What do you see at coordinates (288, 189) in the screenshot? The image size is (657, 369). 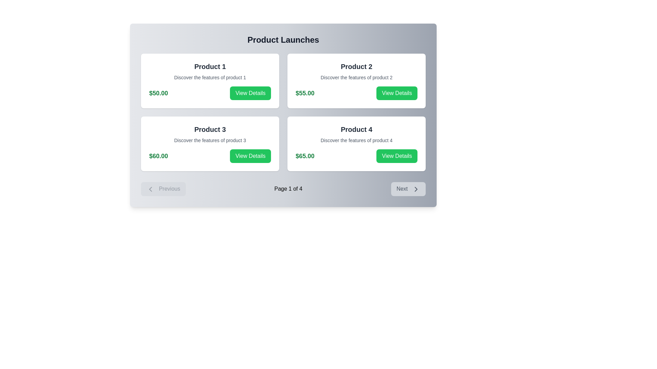 I see `the 'Page 1 of 4' text label, which is centrally located in the pagination navigation section between the 'Previous' and 'Next' buttons` at bounding box center [288, 189].